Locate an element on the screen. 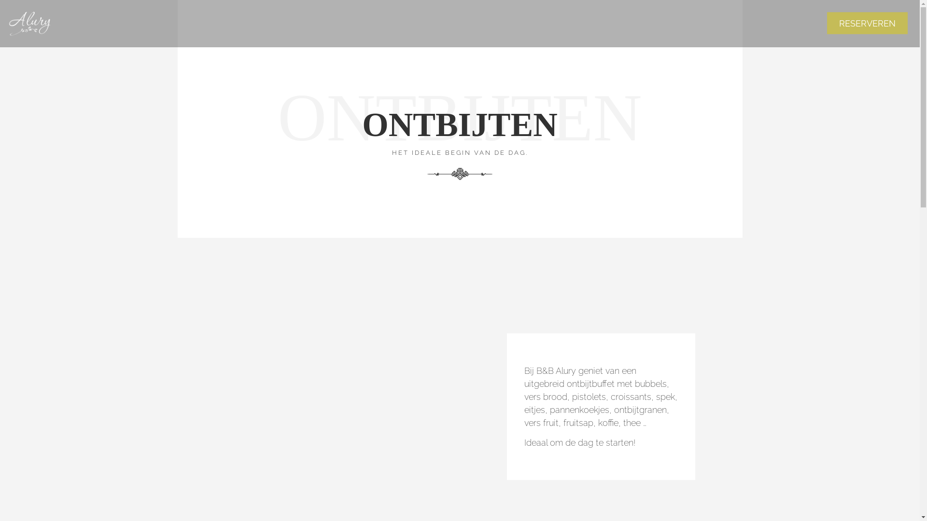 The height and width of the screenshot is (521, 927). 'RESERVEREN' is located at coordinates (867, 22).